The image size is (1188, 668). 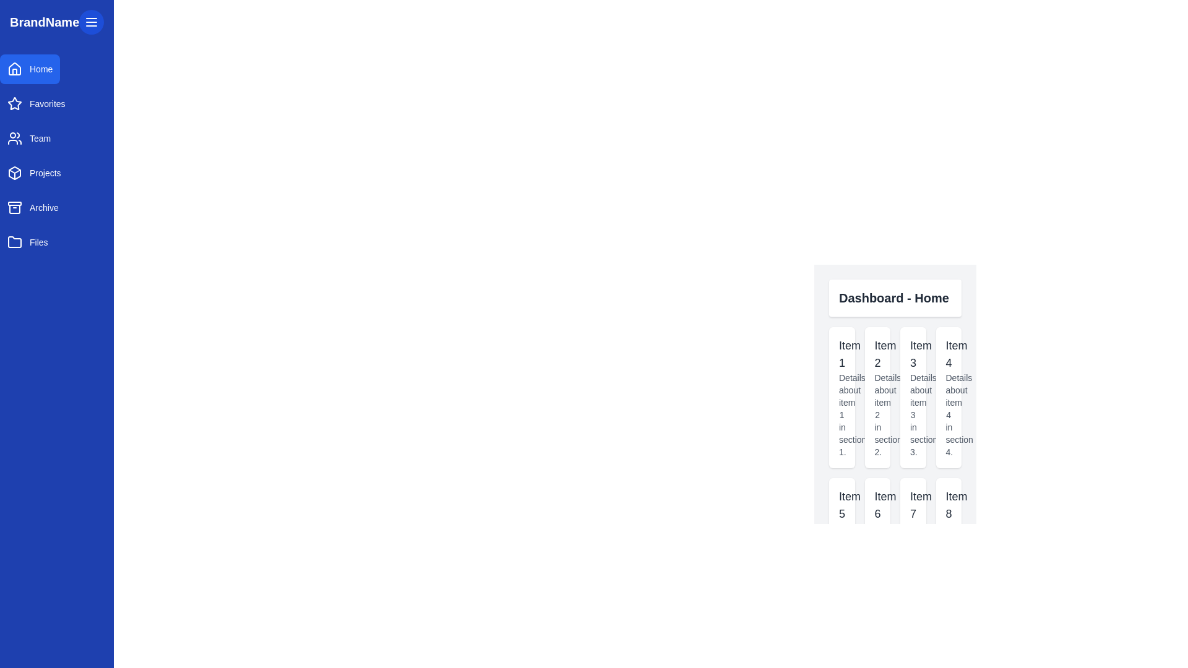 What do you see at coordinates (15, 69) in the screenshot?
I see `the house-shaped icon on the left navigation bar` at bounding box center [15, 69].